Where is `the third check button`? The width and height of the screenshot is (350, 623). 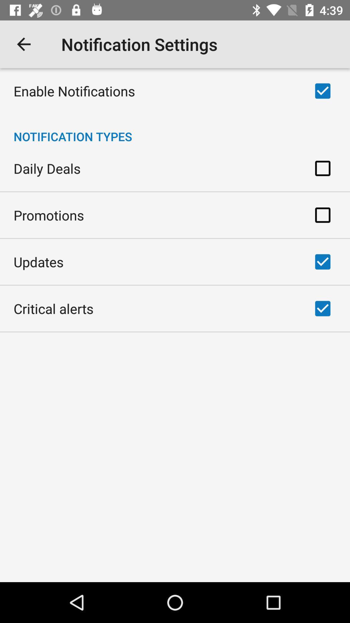 the third check button is located at coordinates (322, 215).